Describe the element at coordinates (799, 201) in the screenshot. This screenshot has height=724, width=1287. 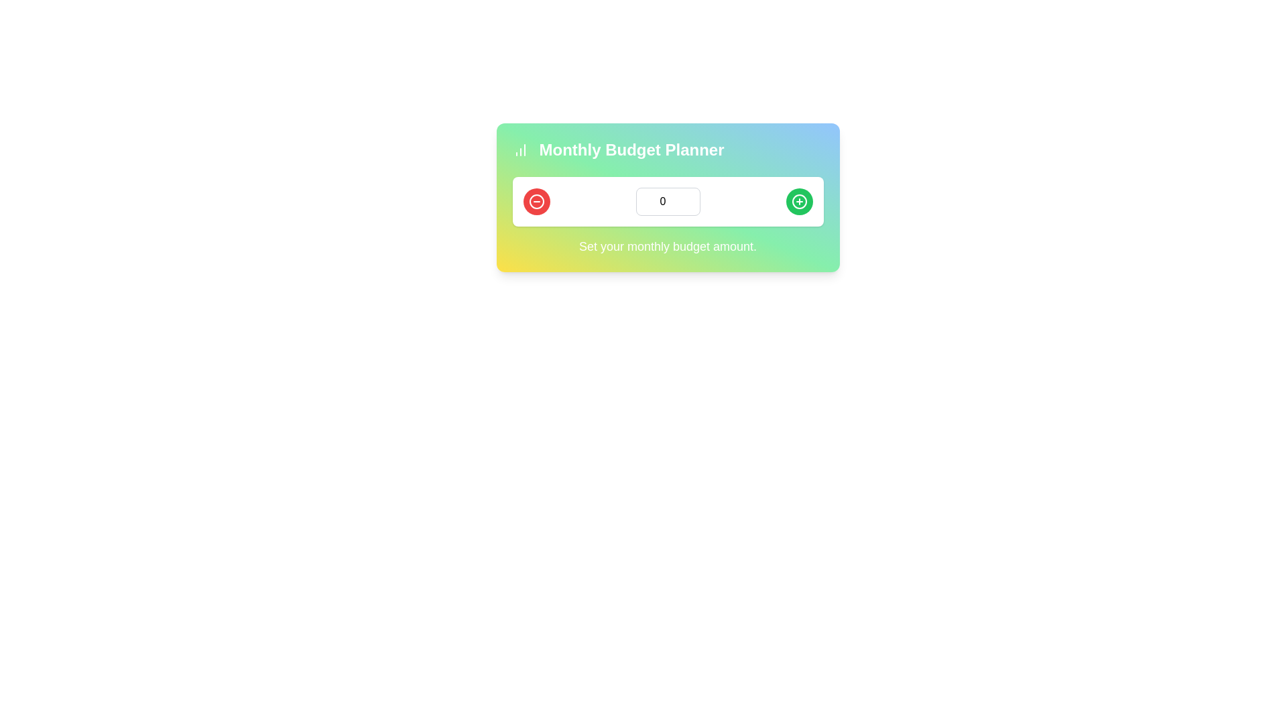
I see `the green circular icon with a plus symbol located in the 'Monthly Budget Planner' section to increment the value` at that location.